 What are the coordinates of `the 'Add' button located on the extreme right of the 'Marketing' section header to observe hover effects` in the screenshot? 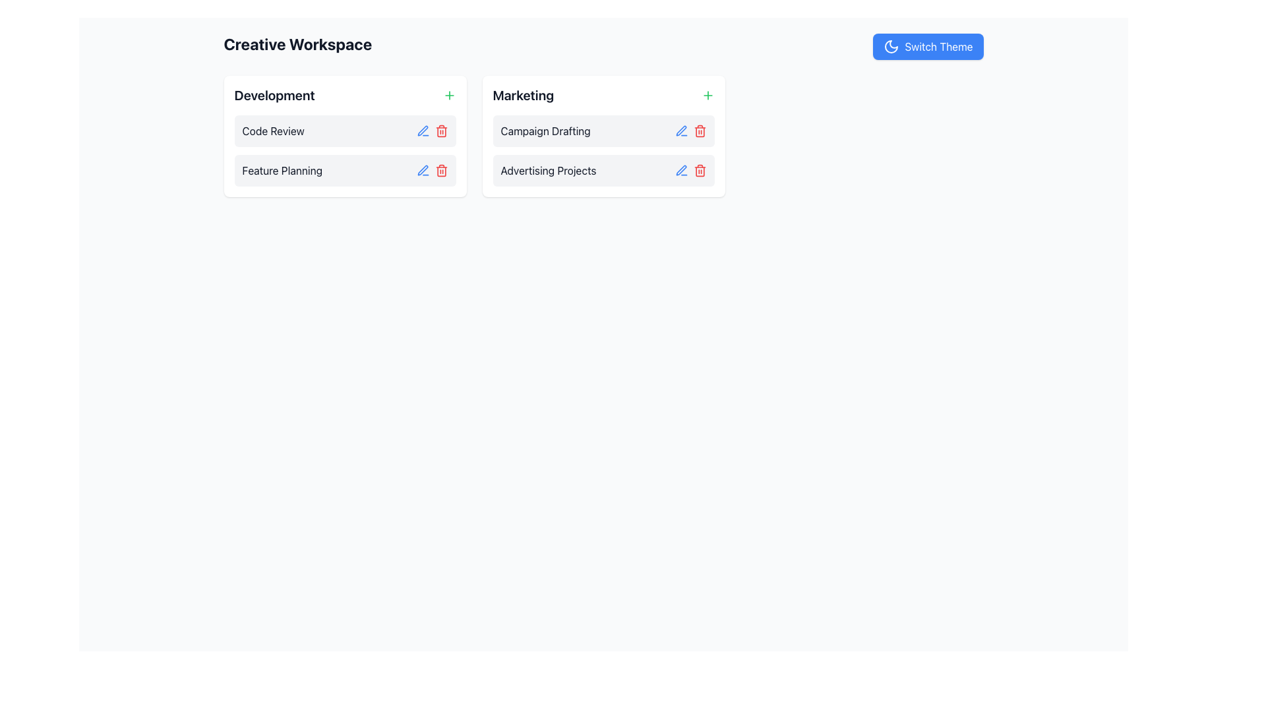 It's located at (707, 95).